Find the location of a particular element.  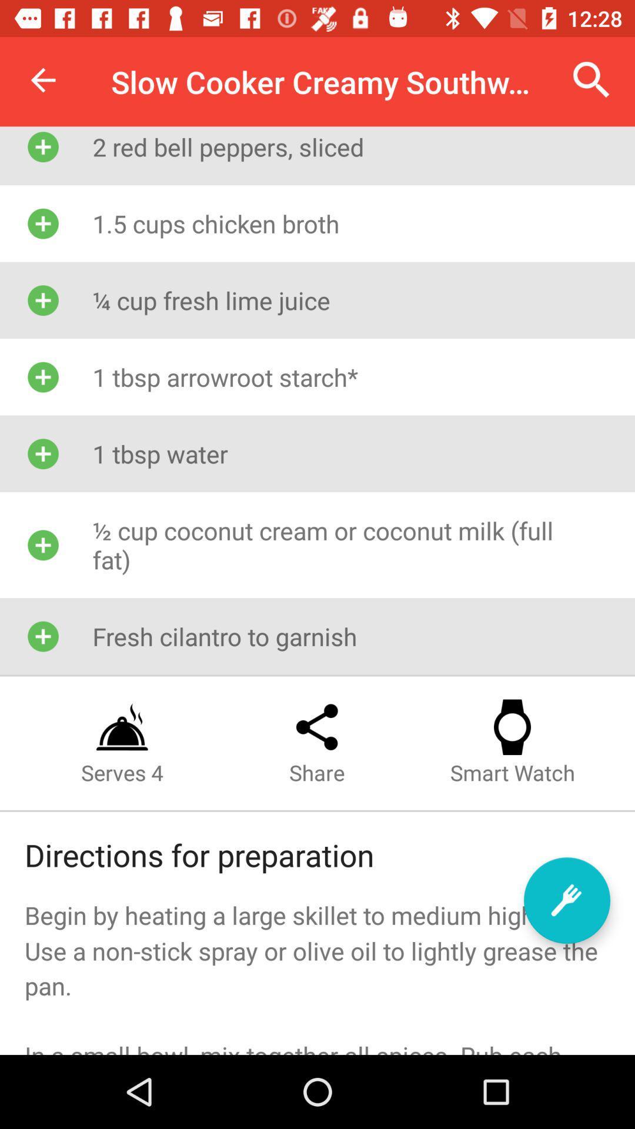

item above the 2 red bell icon is located at coordinates (42, 79).